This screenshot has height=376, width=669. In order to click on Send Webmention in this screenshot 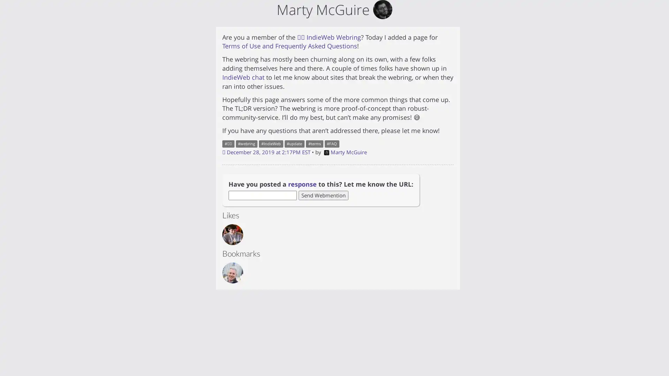, I will do `click(323, 195)`.